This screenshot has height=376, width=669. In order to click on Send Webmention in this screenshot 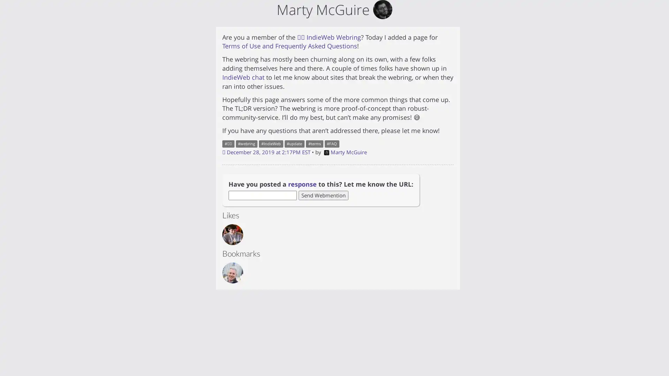, I will do `click(323, 195)`.